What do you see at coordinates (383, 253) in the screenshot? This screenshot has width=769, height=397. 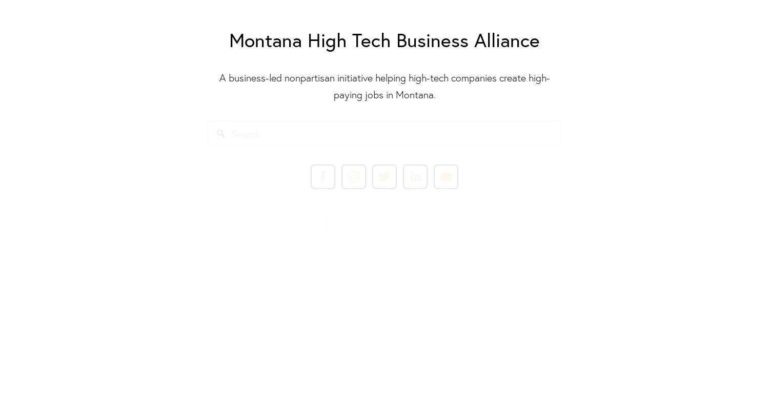 I see `'Join the Alliance'` at bounding box center [383, 253].